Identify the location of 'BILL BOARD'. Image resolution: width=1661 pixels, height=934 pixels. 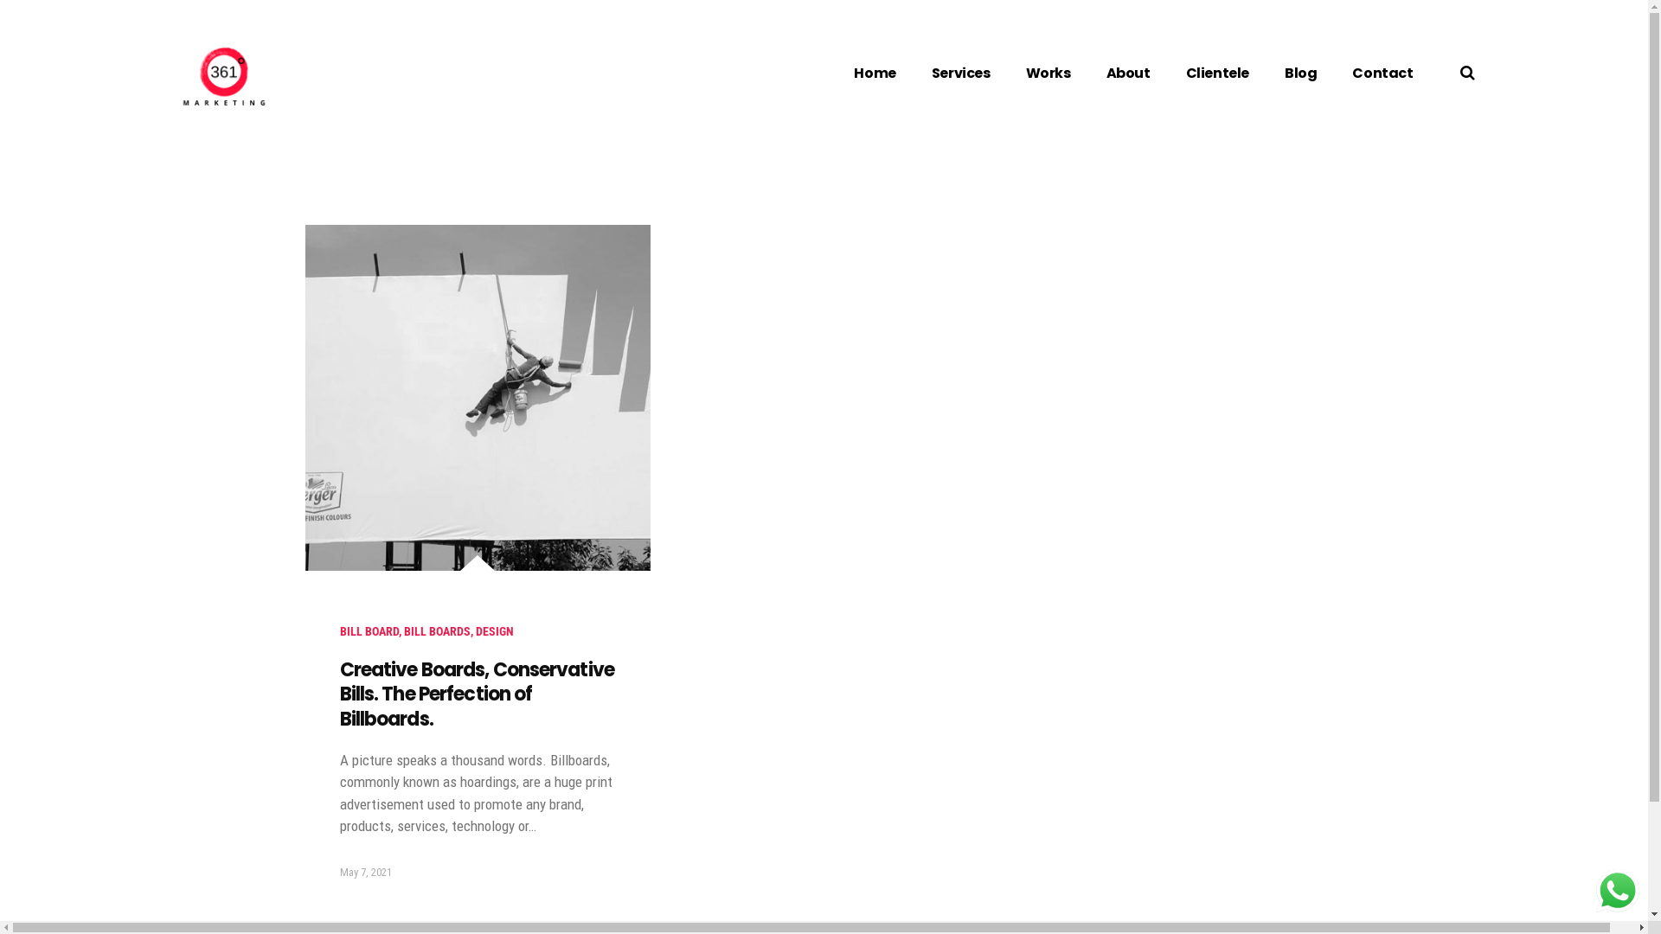
(368, 630).